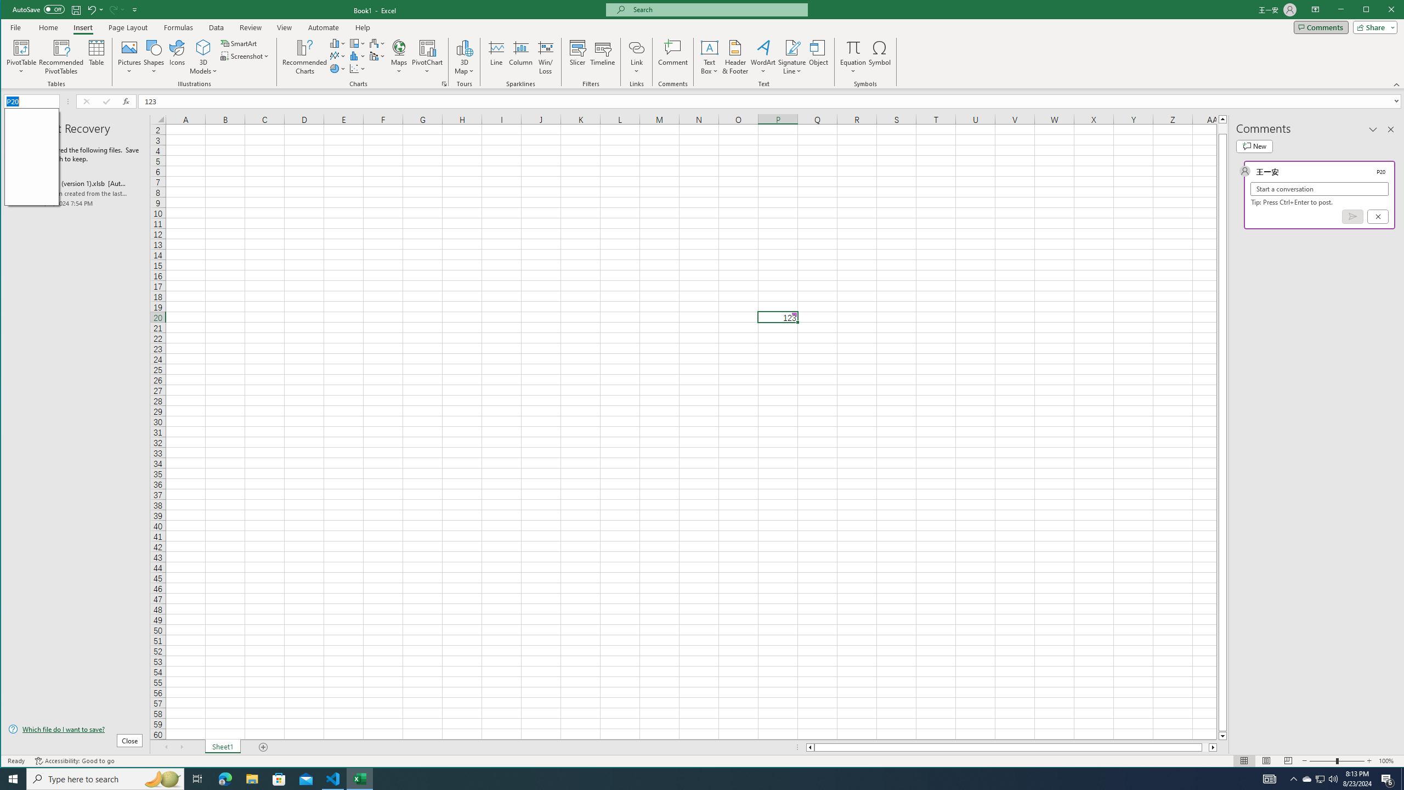 The width and height of the screenshot is (1404, 790). What do you see at coordinates (520, 57) in the screenshot?
I see `'Column'` at bounding box center [520, 57].